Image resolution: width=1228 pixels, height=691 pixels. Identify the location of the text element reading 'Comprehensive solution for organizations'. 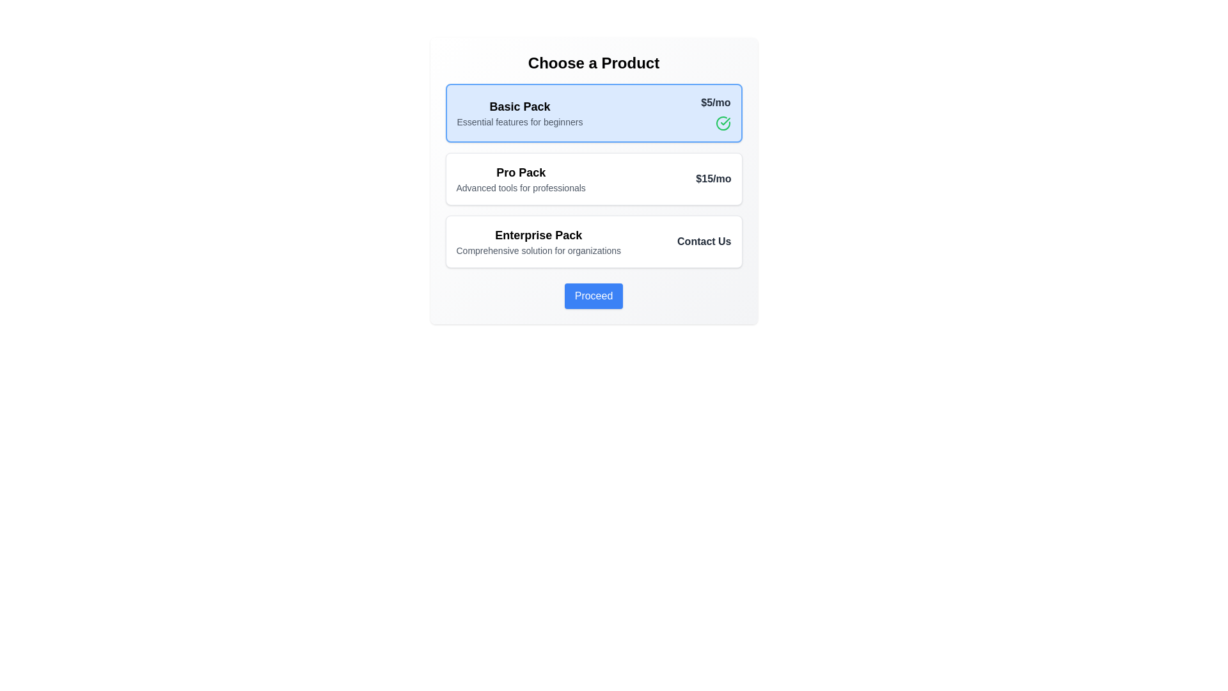
(539, 251).